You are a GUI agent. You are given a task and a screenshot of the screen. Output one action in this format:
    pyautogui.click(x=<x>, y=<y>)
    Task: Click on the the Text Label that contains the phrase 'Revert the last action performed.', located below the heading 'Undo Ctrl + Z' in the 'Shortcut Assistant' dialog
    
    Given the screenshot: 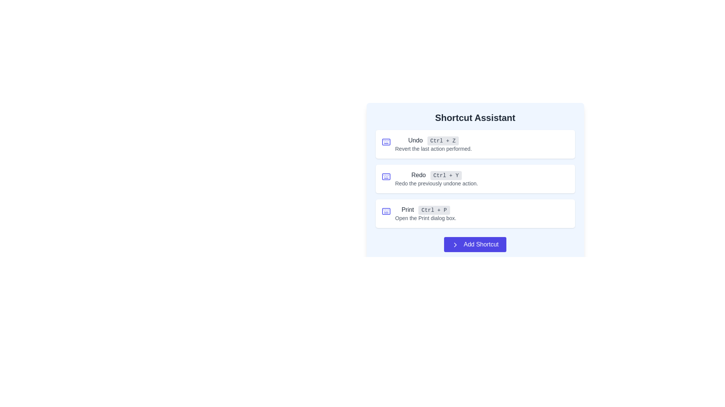 What is the action you would take?
    pyautogui.click(x=433, y=148)
    